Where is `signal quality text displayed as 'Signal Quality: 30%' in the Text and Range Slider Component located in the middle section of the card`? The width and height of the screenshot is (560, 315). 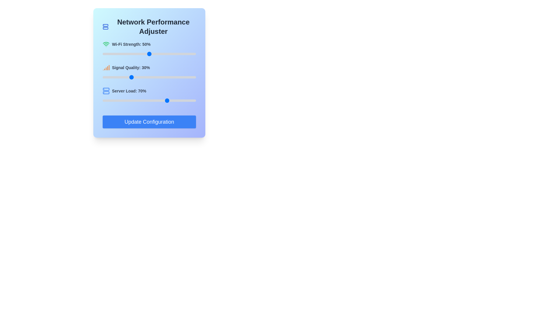
signal quality text displayed as 'Signal Quality: 30%' in the Text and Range Slider Component located in the middle section of the card is located at coordinates (149, 72).